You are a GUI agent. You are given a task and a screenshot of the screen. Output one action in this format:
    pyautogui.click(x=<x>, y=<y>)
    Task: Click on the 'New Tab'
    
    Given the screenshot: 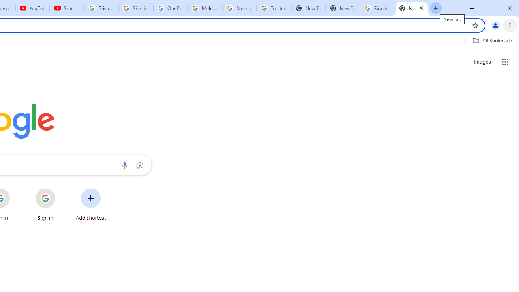 What is the action you would take?
    pyautogui.click(x=412, y=8)
    